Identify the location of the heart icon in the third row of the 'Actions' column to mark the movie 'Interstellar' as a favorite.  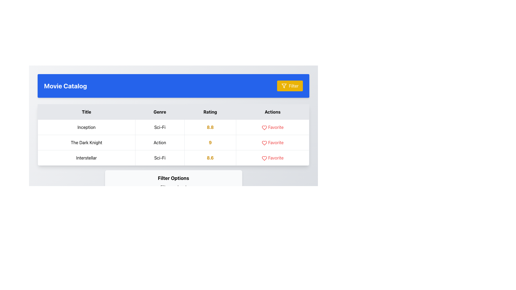
(264, 158).